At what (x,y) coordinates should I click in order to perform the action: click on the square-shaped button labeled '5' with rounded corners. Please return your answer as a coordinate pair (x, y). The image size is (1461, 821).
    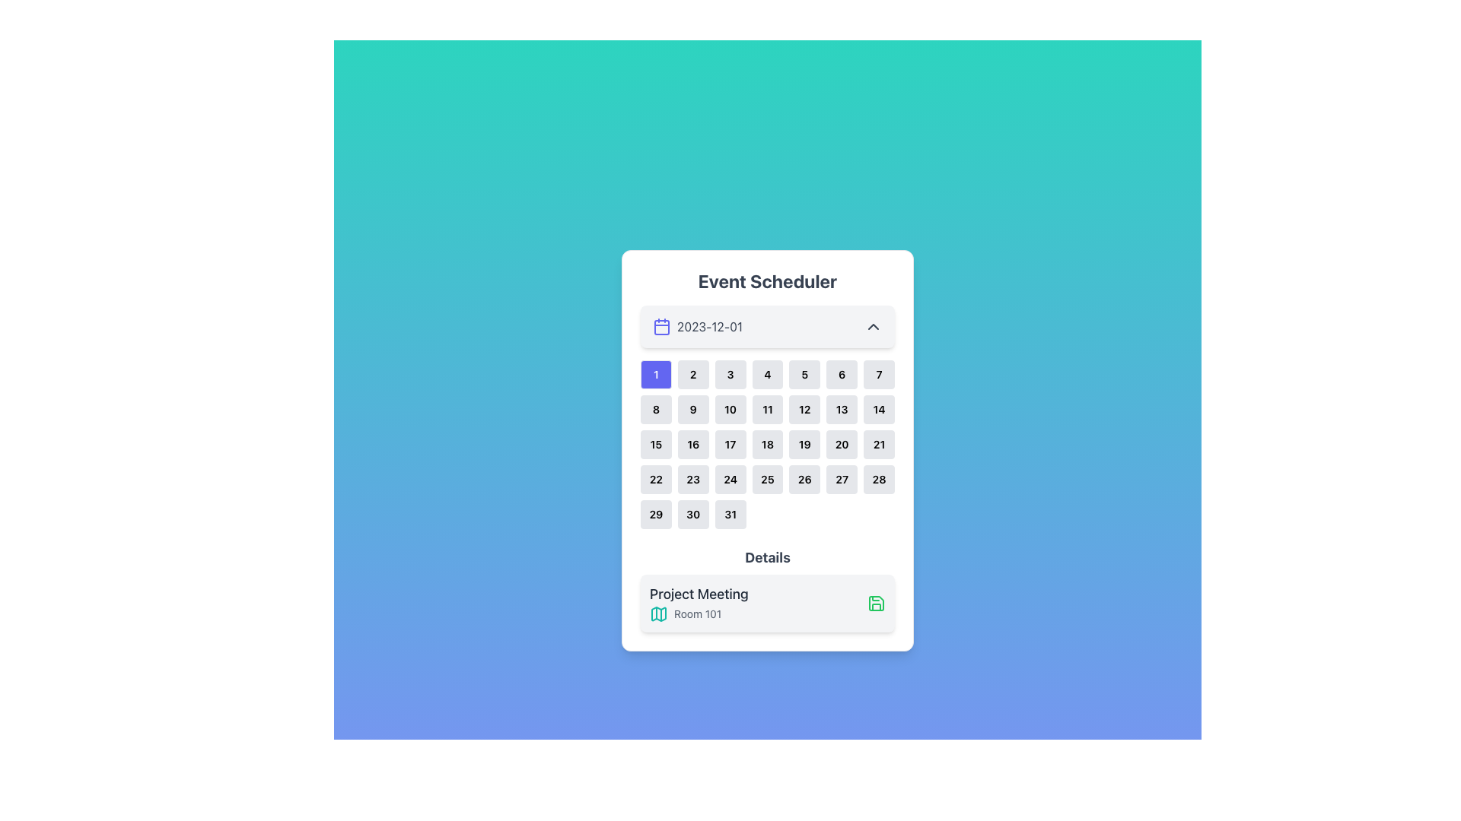
    Looking at the image, I should click on (804, 375).